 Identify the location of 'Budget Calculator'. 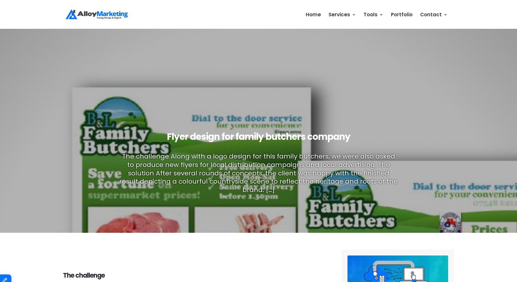
(389, 41).